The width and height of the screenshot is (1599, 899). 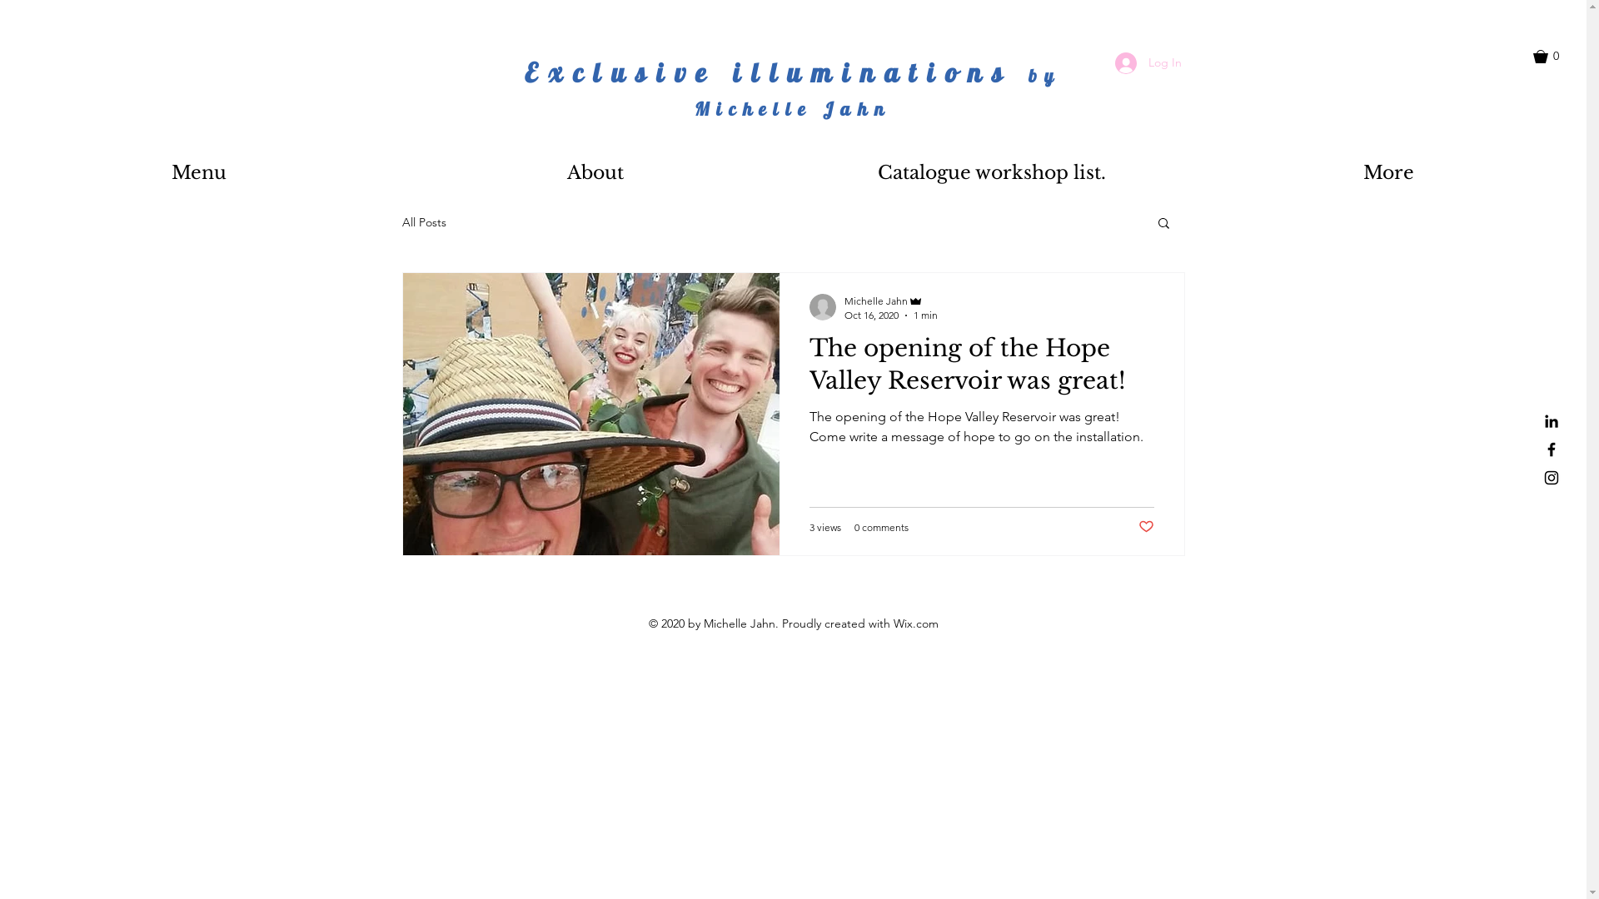 What do you see at coordinates (1146, 62) in the screenshot?
I see `'Log In'` at bounding box center [1146, 62].